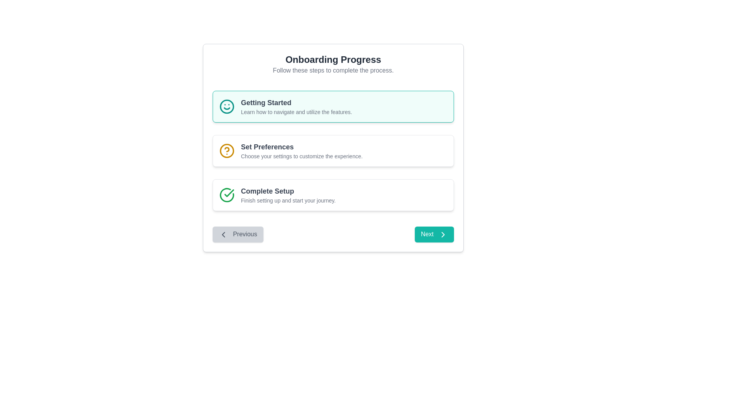 Image resolution: width=745 pixels, height=419 pixels. Describe the element at coordinates (443, 234) in the screenshot. I see `the forward navigation icon located to the right of the 'Next' text within the 'Next' button at the bottom of the onboarding dialog` at that location.